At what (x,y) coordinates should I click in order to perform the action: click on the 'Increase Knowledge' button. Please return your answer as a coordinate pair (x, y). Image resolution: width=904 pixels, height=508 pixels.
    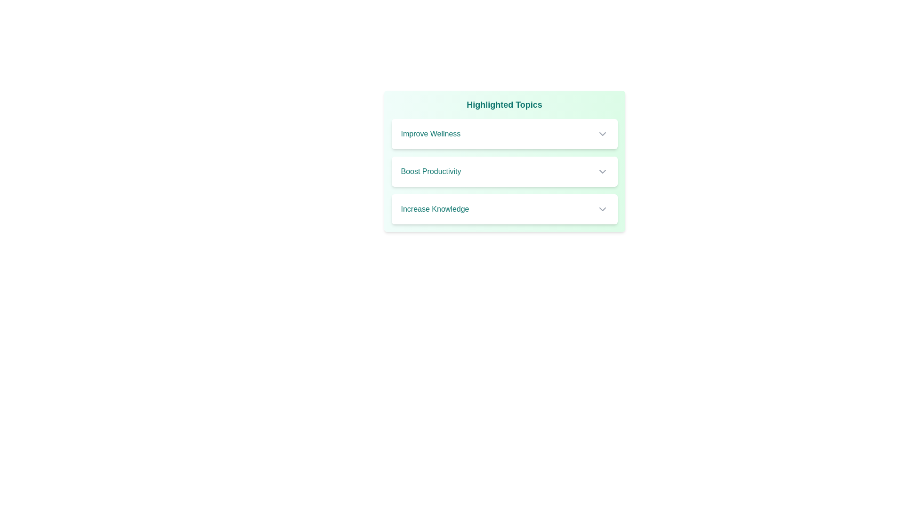
    Looking at the image, I should click on (504, 208).